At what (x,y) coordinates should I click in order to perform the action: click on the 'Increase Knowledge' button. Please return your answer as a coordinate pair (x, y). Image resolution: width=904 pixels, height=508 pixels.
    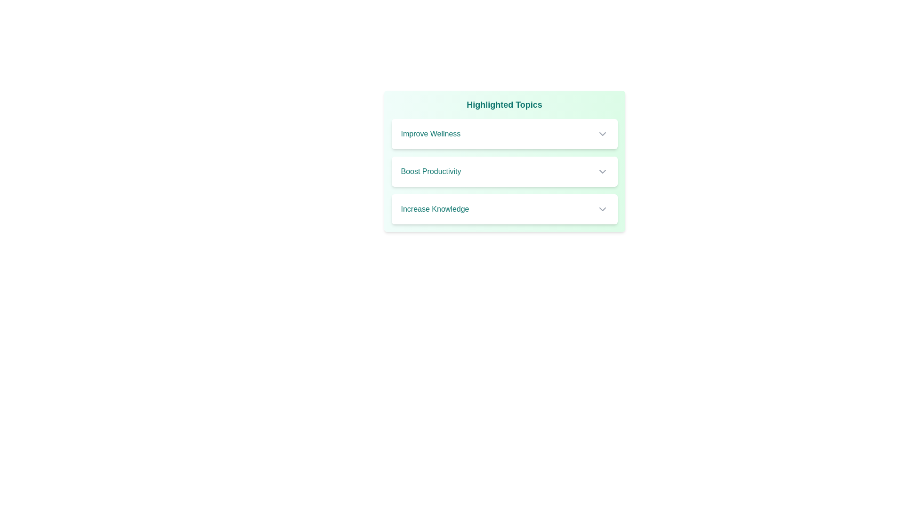
    Looking at the image, I should click on (504, 208).